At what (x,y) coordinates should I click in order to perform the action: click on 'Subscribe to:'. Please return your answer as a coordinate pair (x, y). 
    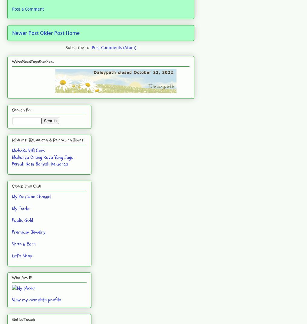
    Looking at the image, I should click on (78, 48).